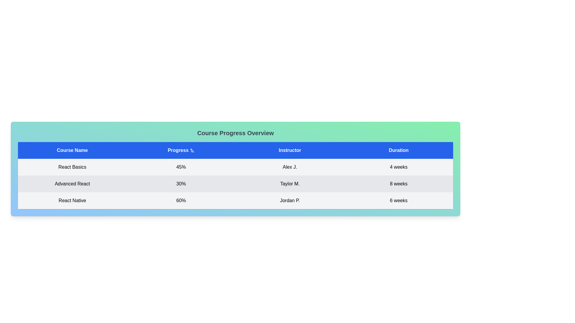 The image size is (575, 323). Describe the element at coordinates (399, 150) in the screenshot. I see `the 'Duration' Table Header Cell, which is a blue rectangular cell with white bold text, located in the fourth column of the table header` at that location.